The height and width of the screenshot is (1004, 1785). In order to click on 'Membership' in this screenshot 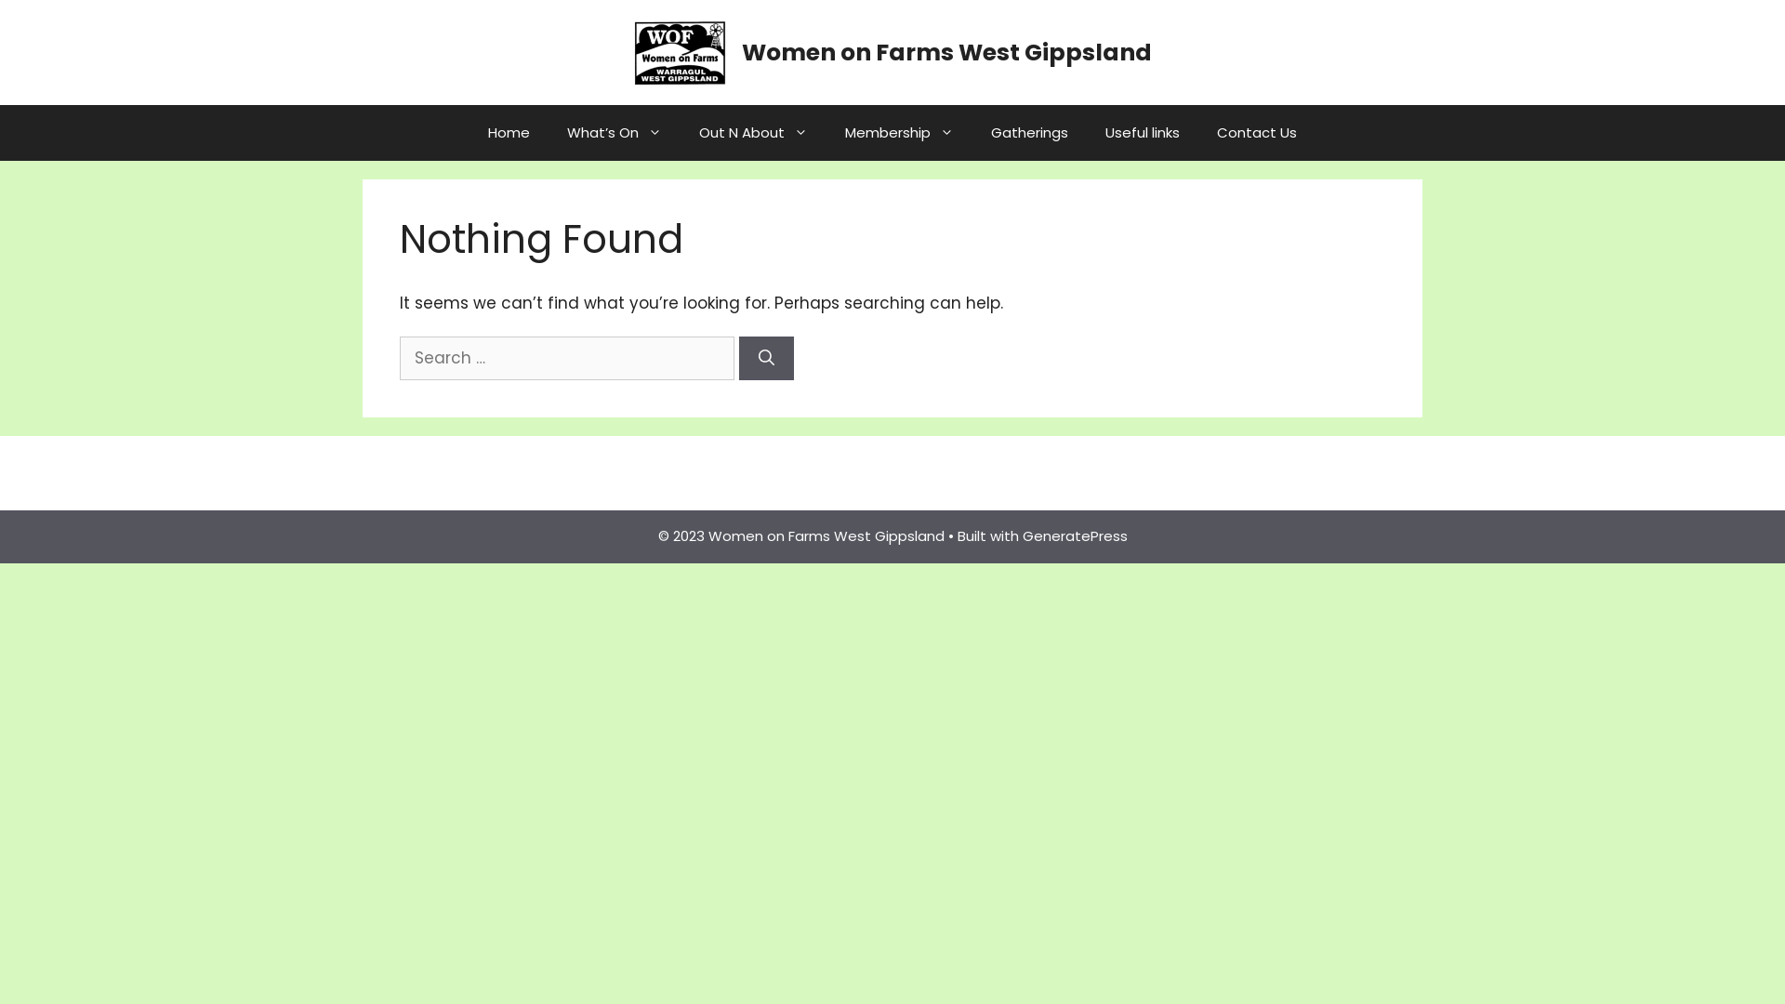, I will do `click(899, 131)`.